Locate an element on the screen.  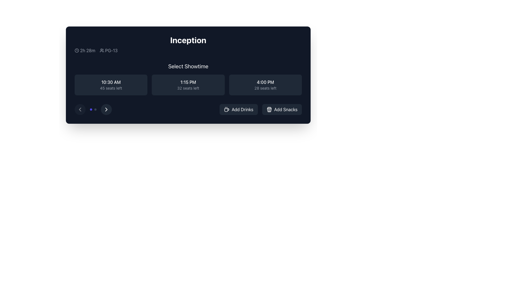
the second button in the 'Select Showtime' section is located at coordinates (188, 79).